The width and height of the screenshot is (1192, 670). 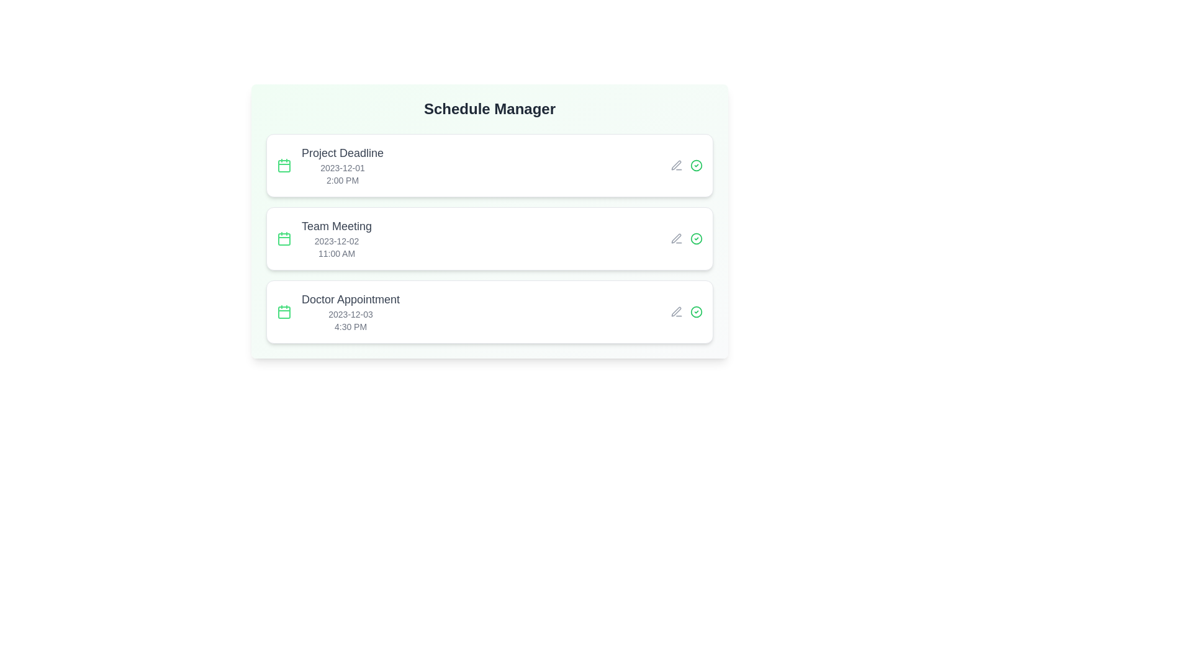 What do you see at coordinates (697, 311) in the screenshot?
I see `the check icon corresponding to the event titled 'Doctor Appointment' to mark it as completed` at bounding box center [697, 311].